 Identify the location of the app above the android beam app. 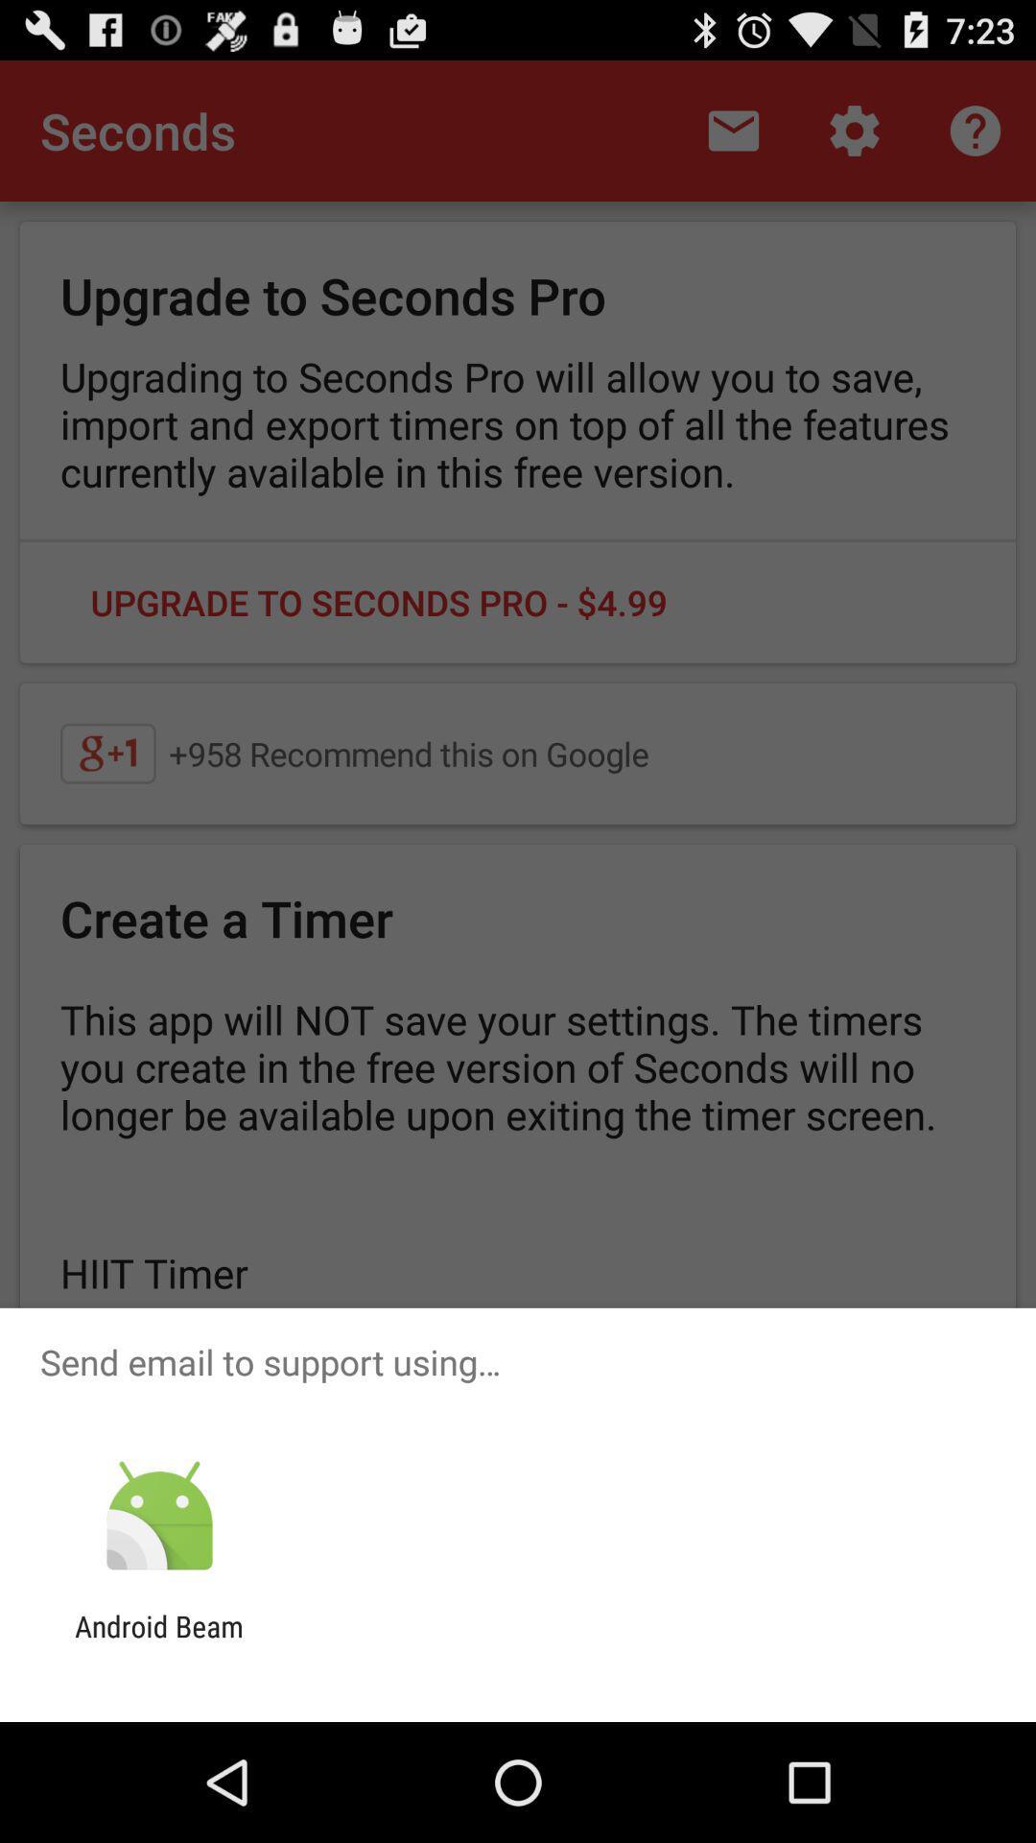
(158, 1516).